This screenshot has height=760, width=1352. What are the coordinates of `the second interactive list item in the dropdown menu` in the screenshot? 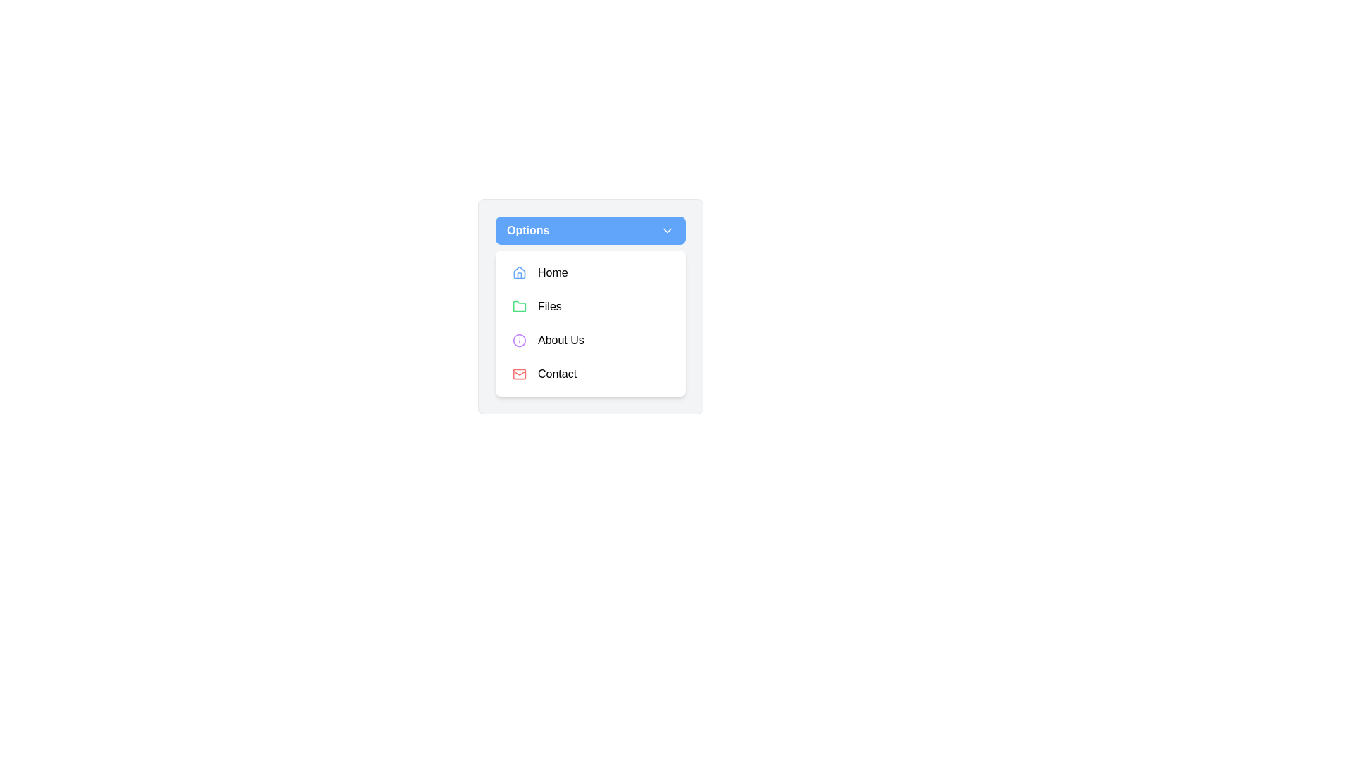 It's located at (591, 305).